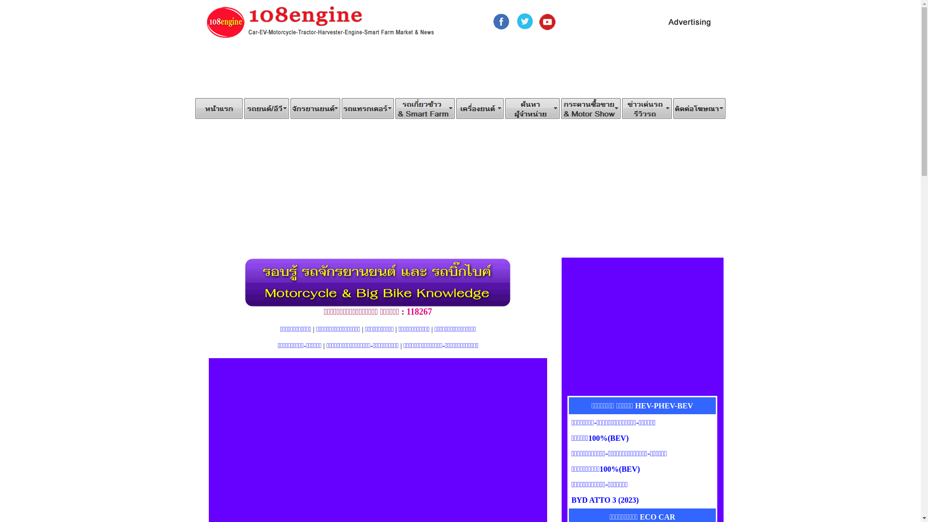 The height and width of the screenshot is (522, 928). Describe the element at coordinates (394, 108) in the screenshot. I see `'Combine Harvester/Smart Farm'` at that location.